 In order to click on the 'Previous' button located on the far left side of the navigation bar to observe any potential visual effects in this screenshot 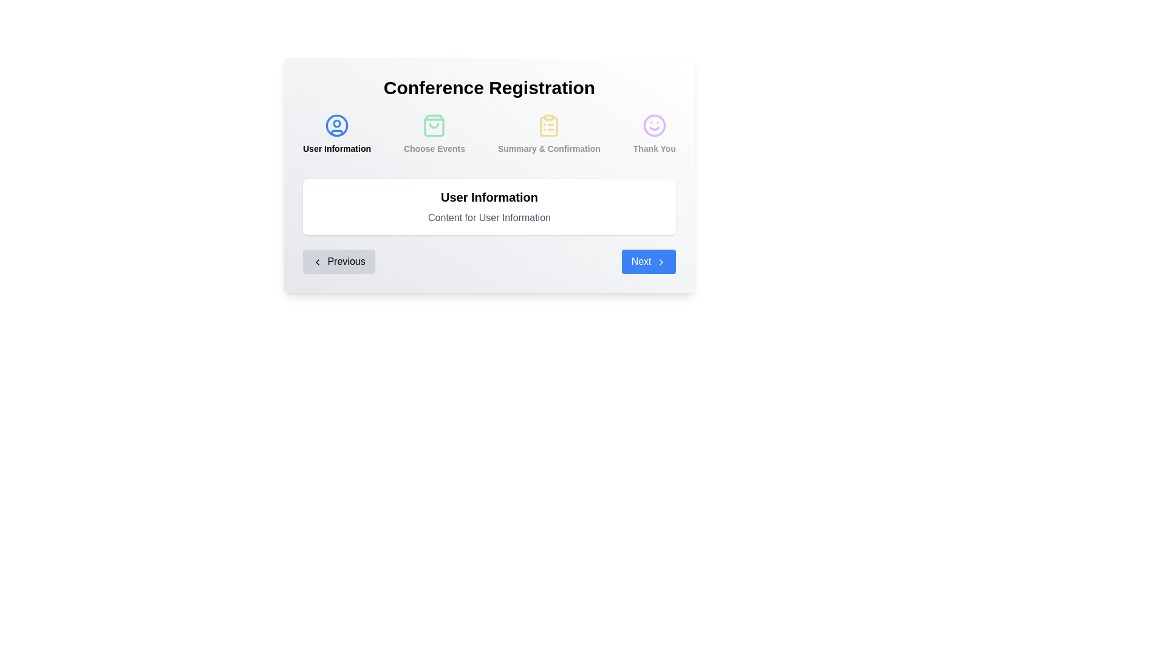, I will do `click(339, 261)`.